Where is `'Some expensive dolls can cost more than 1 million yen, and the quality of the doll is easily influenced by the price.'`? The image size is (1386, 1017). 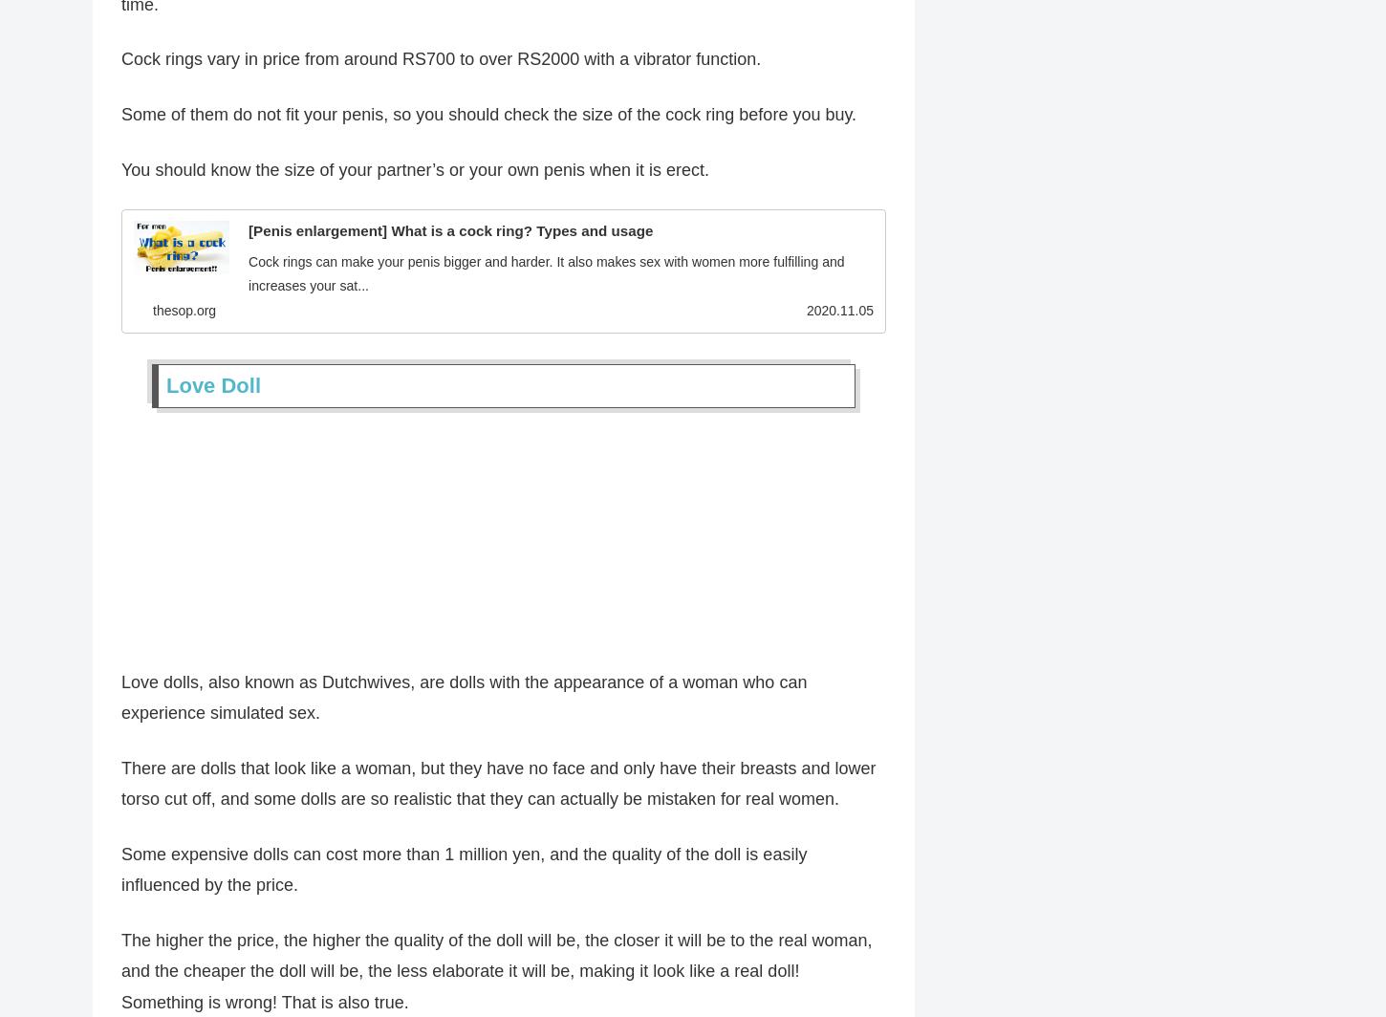
'Some expensive dolls can cost more than 1 million yen, and the quality of the doll is easily influenced by the price.' is located at coordinates (464, 873).